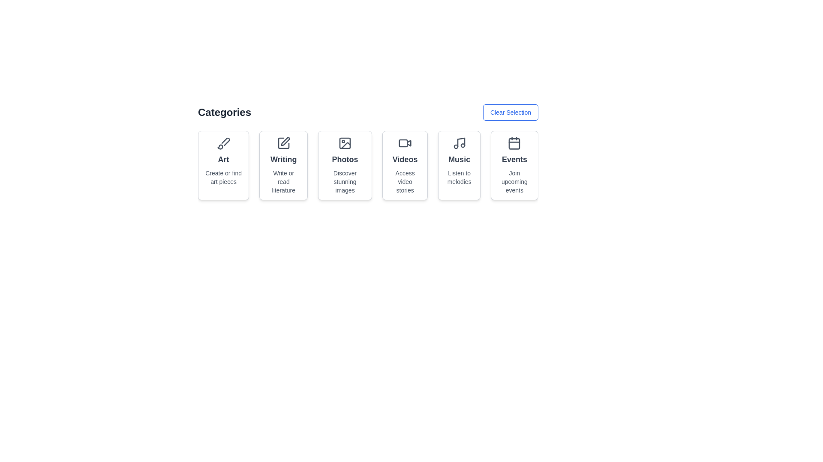 This screenshot has width=823, height=462. I want to click on the text label that reads 'Create or find art pieces', which is located beneath the title 'Art' in the card-like layout, so click(223, 177).